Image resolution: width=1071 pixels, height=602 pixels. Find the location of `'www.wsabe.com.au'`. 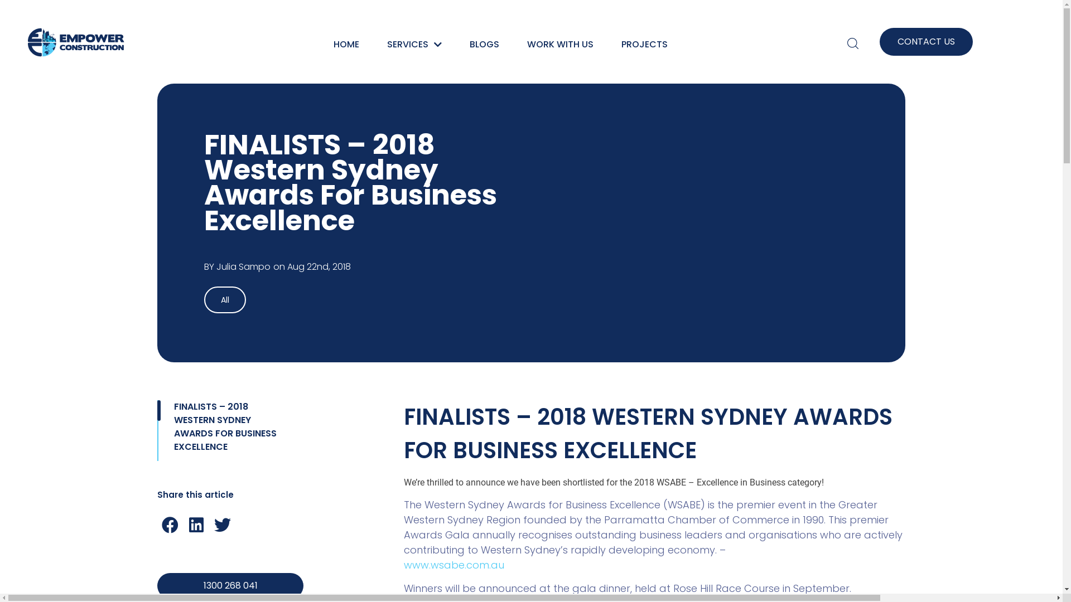

'www.wsabe.com.au' is located at coordinates (454, 565).